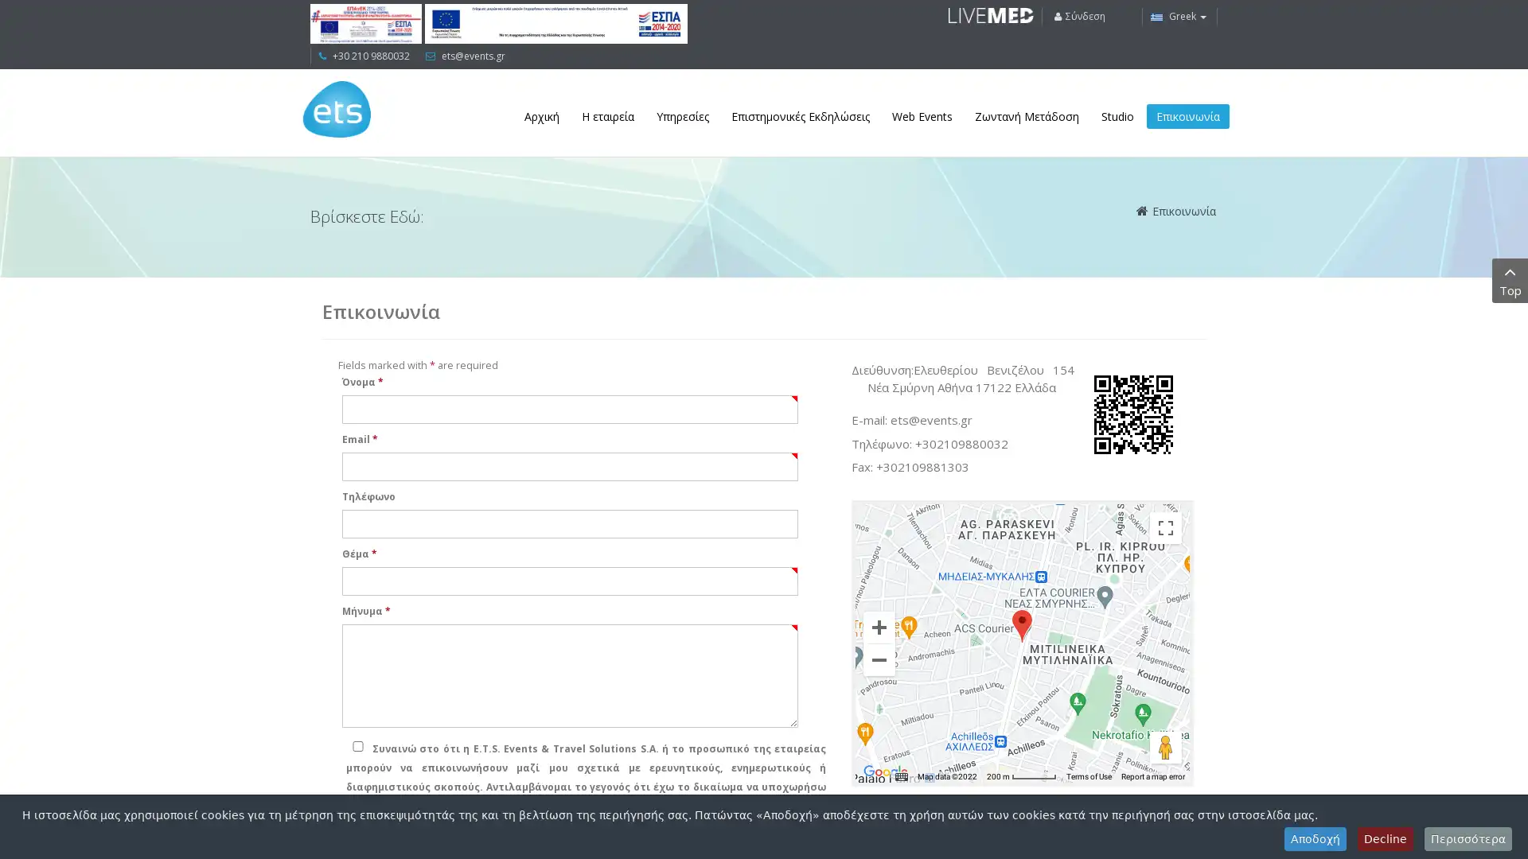  I want to click on Toggle fullscreen view, so click(1165, 527).